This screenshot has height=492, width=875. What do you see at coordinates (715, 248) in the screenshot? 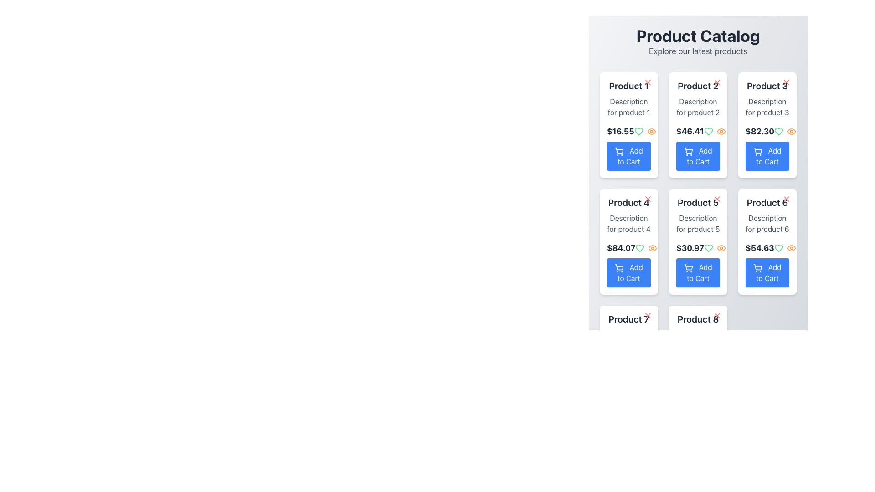
I see `the eye icon in the icon group located below the price label '$30.97' and above the 'Add to Cart' button for Product 5` at bounding box center [715, 248].